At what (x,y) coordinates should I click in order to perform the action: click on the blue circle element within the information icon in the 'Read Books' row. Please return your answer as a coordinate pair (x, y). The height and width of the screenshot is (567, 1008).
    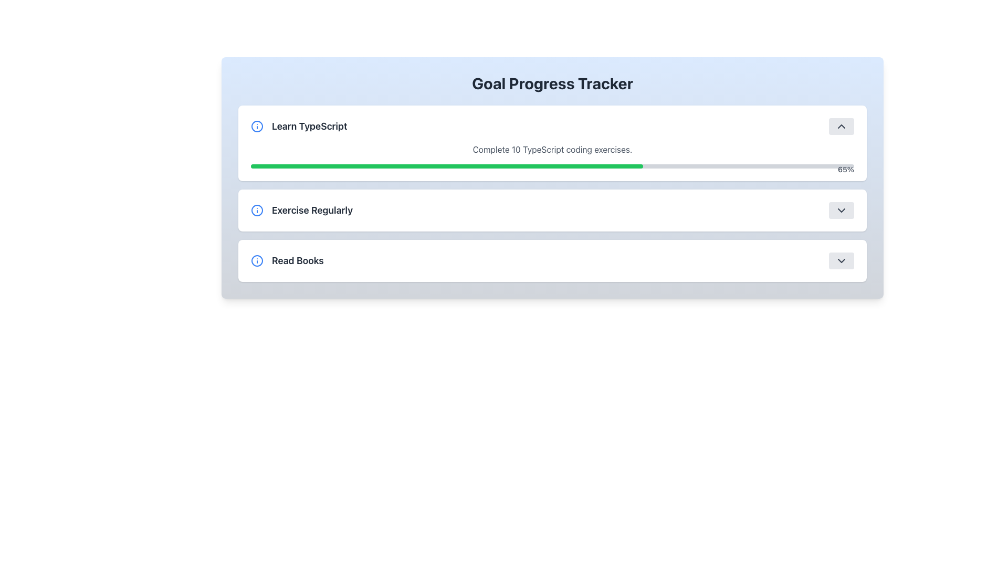
    Looking at the image, I should click on (257, 260).